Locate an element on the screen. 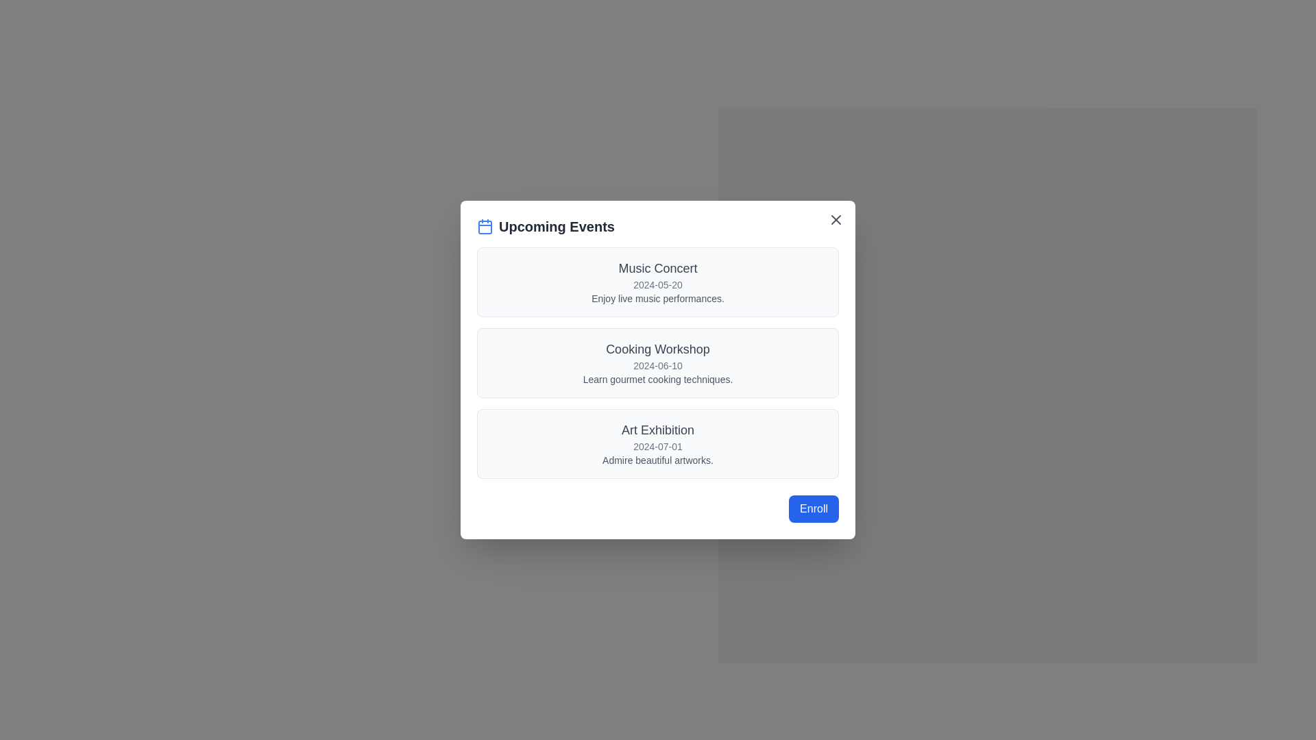  the main body of the calendar icon, which is a rounded rectangle is located at coordinates (485, 226).